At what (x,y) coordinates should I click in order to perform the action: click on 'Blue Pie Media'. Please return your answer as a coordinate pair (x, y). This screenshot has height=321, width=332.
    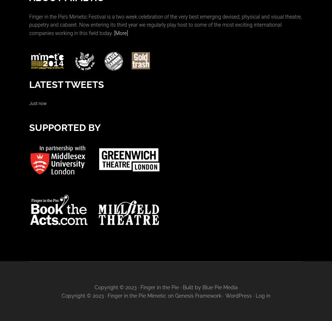
    Looking at the image, I should click on (219, 287).